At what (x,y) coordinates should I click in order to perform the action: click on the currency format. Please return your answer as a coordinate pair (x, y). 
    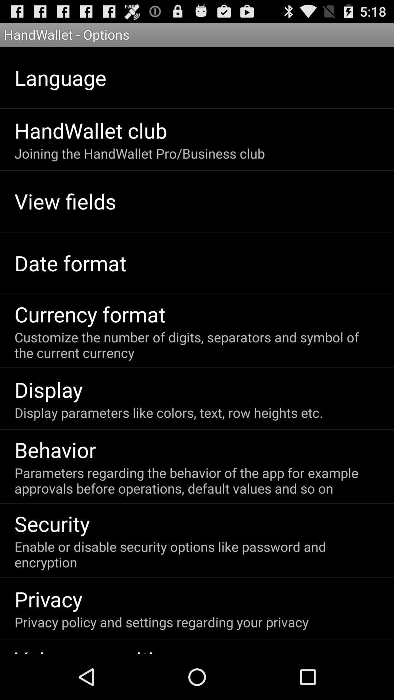
    Looking at the image, I should click on (89, 314).